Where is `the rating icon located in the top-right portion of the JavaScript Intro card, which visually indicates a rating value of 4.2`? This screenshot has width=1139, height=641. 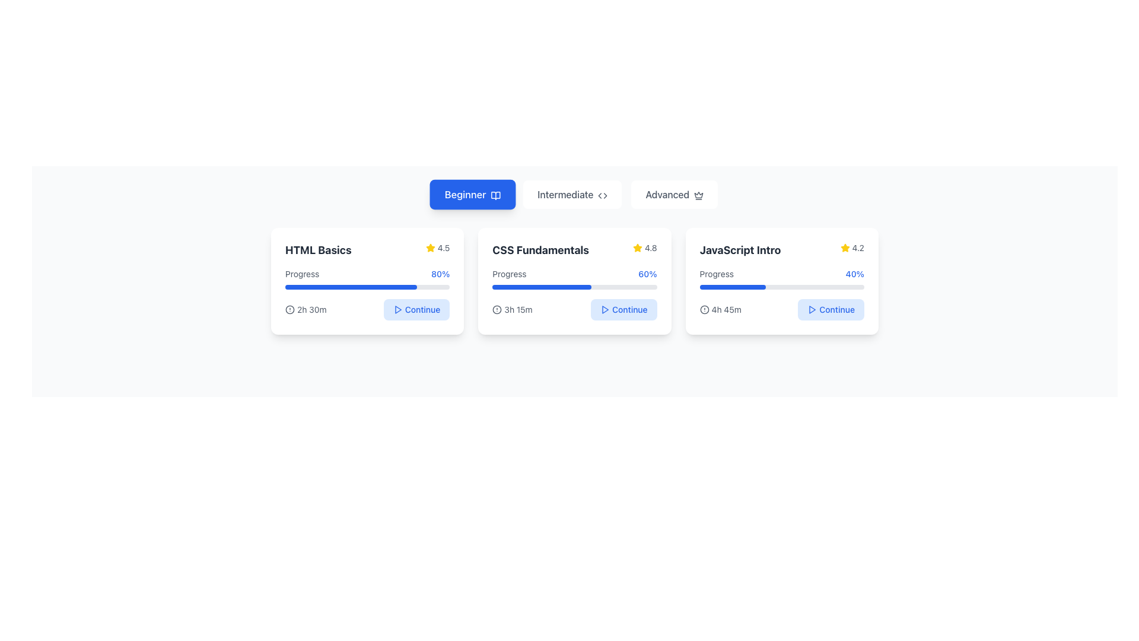
the rating icon located in the top-right portion of the JavaScript Intro card, which visually indicates a rating value of 4.2 is located at coordinates (844, 247).